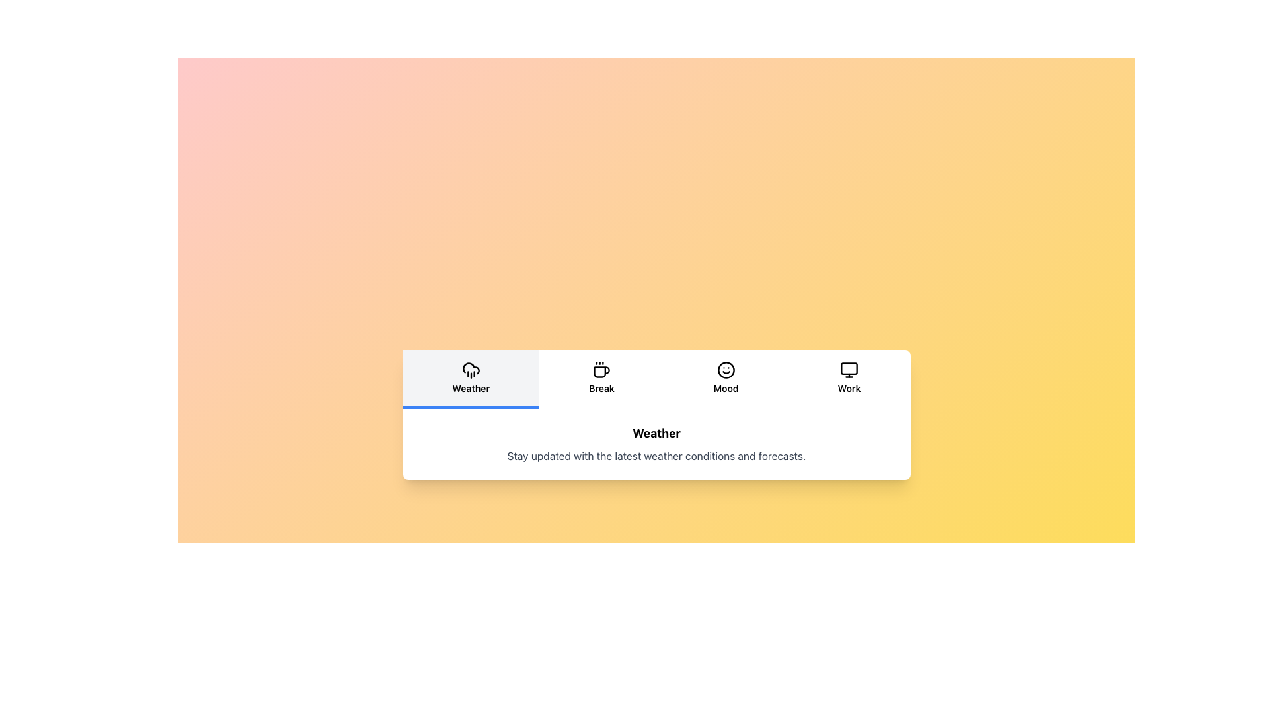  What do you see at coordinates (849, 370) in the screenshot?
I see `the monitor icon representing the 'Work' section` at bounding box center [849, 370].